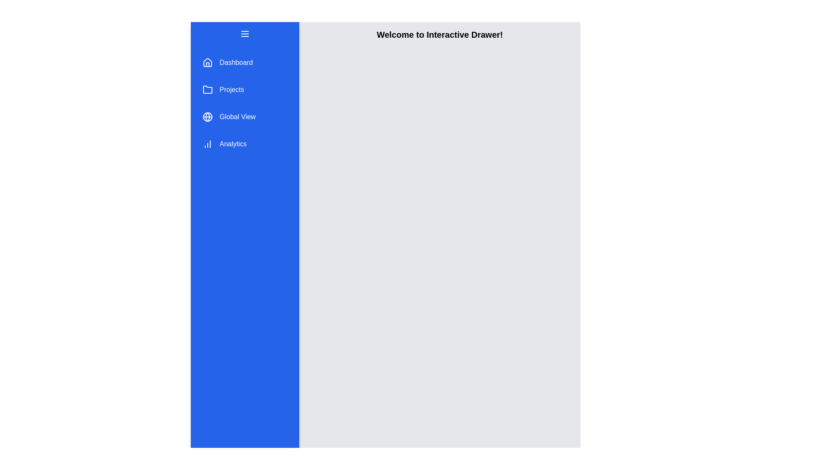 The image size is (814, 458). Describe the element at coordinates (440, 250) in the screenshot. I see `the main content area to focus or select text` at that location.